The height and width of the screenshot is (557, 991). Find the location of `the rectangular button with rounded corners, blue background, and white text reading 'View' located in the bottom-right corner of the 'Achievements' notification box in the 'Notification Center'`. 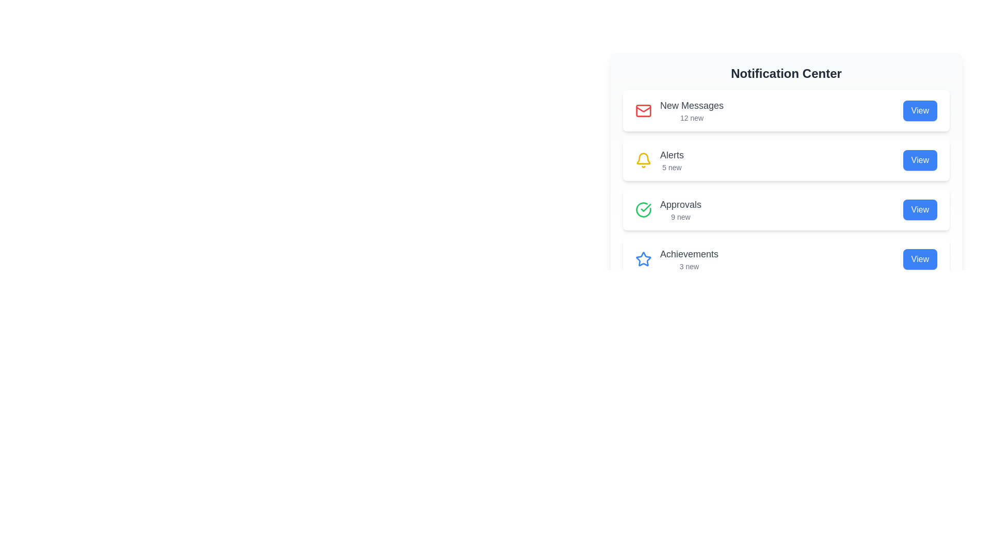

the rectangular button with rounded corners, blue background, and white text reading 'View' located in the bottom-right corner of the 'Achievements' notification box in the 'Notification Center' is located at coordinates (920, 258).